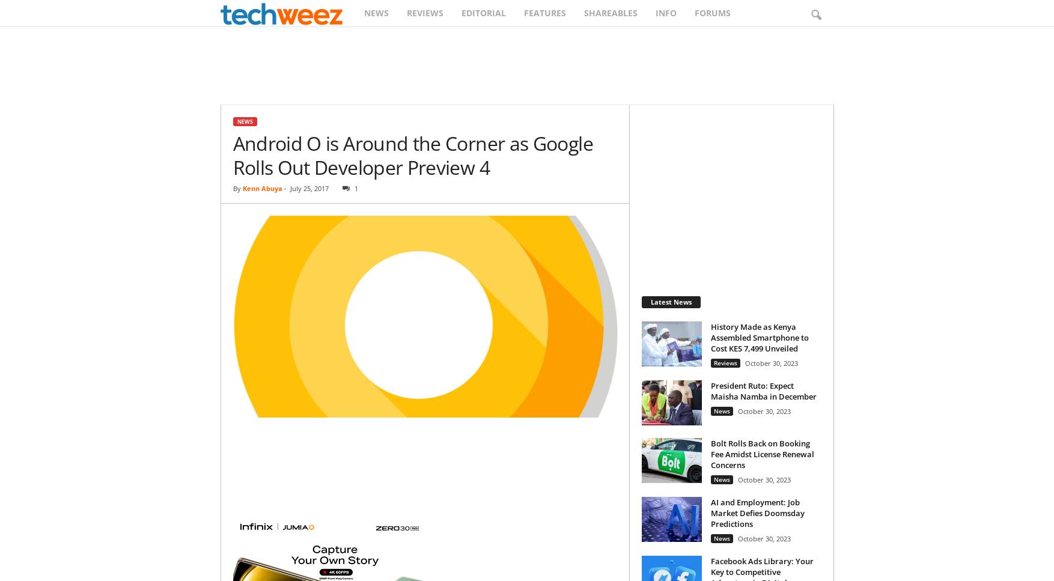 This screenshot has height=581, width=1054. What do you see at coordinates (308, 188) in the screenshot?
I see `'July 25, 2017'` at bounding box center [308, 188].